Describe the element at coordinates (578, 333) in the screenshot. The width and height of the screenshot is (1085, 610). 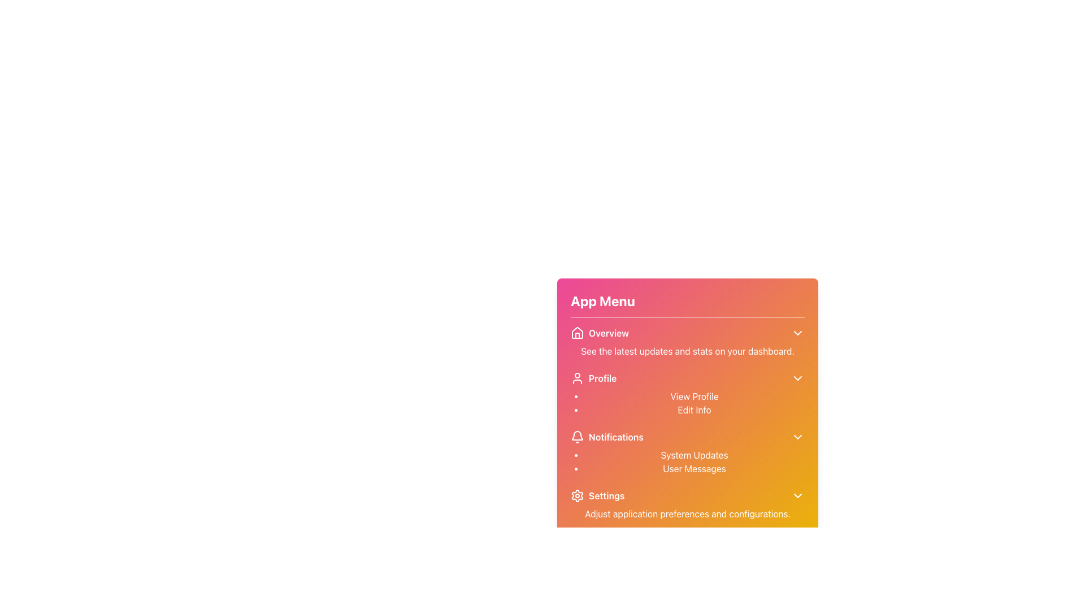
I see `the non-interactive 'Overview' icon located at the top of the menu, adjacent to the text 'Overview'` at that location.